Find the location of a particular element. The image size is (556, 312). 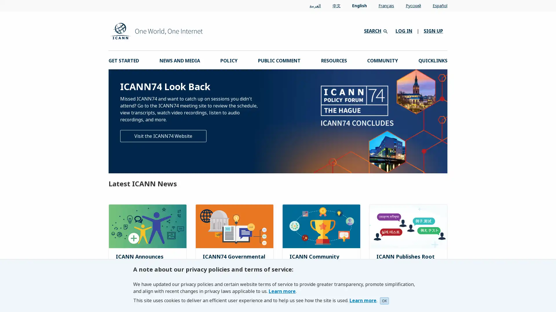

RESOURCES is located at coordinates (334, 60).